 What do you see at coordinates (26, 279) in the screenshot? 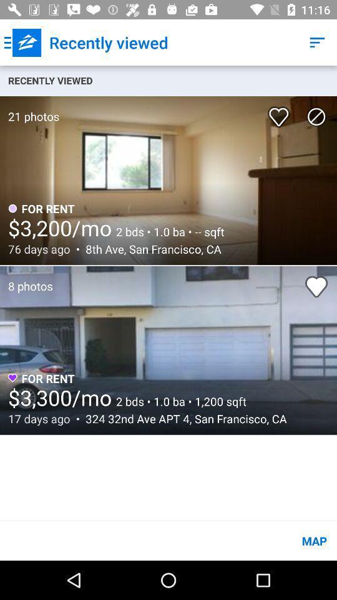
I see `8 photos icon` at bounding box center [26, 279].